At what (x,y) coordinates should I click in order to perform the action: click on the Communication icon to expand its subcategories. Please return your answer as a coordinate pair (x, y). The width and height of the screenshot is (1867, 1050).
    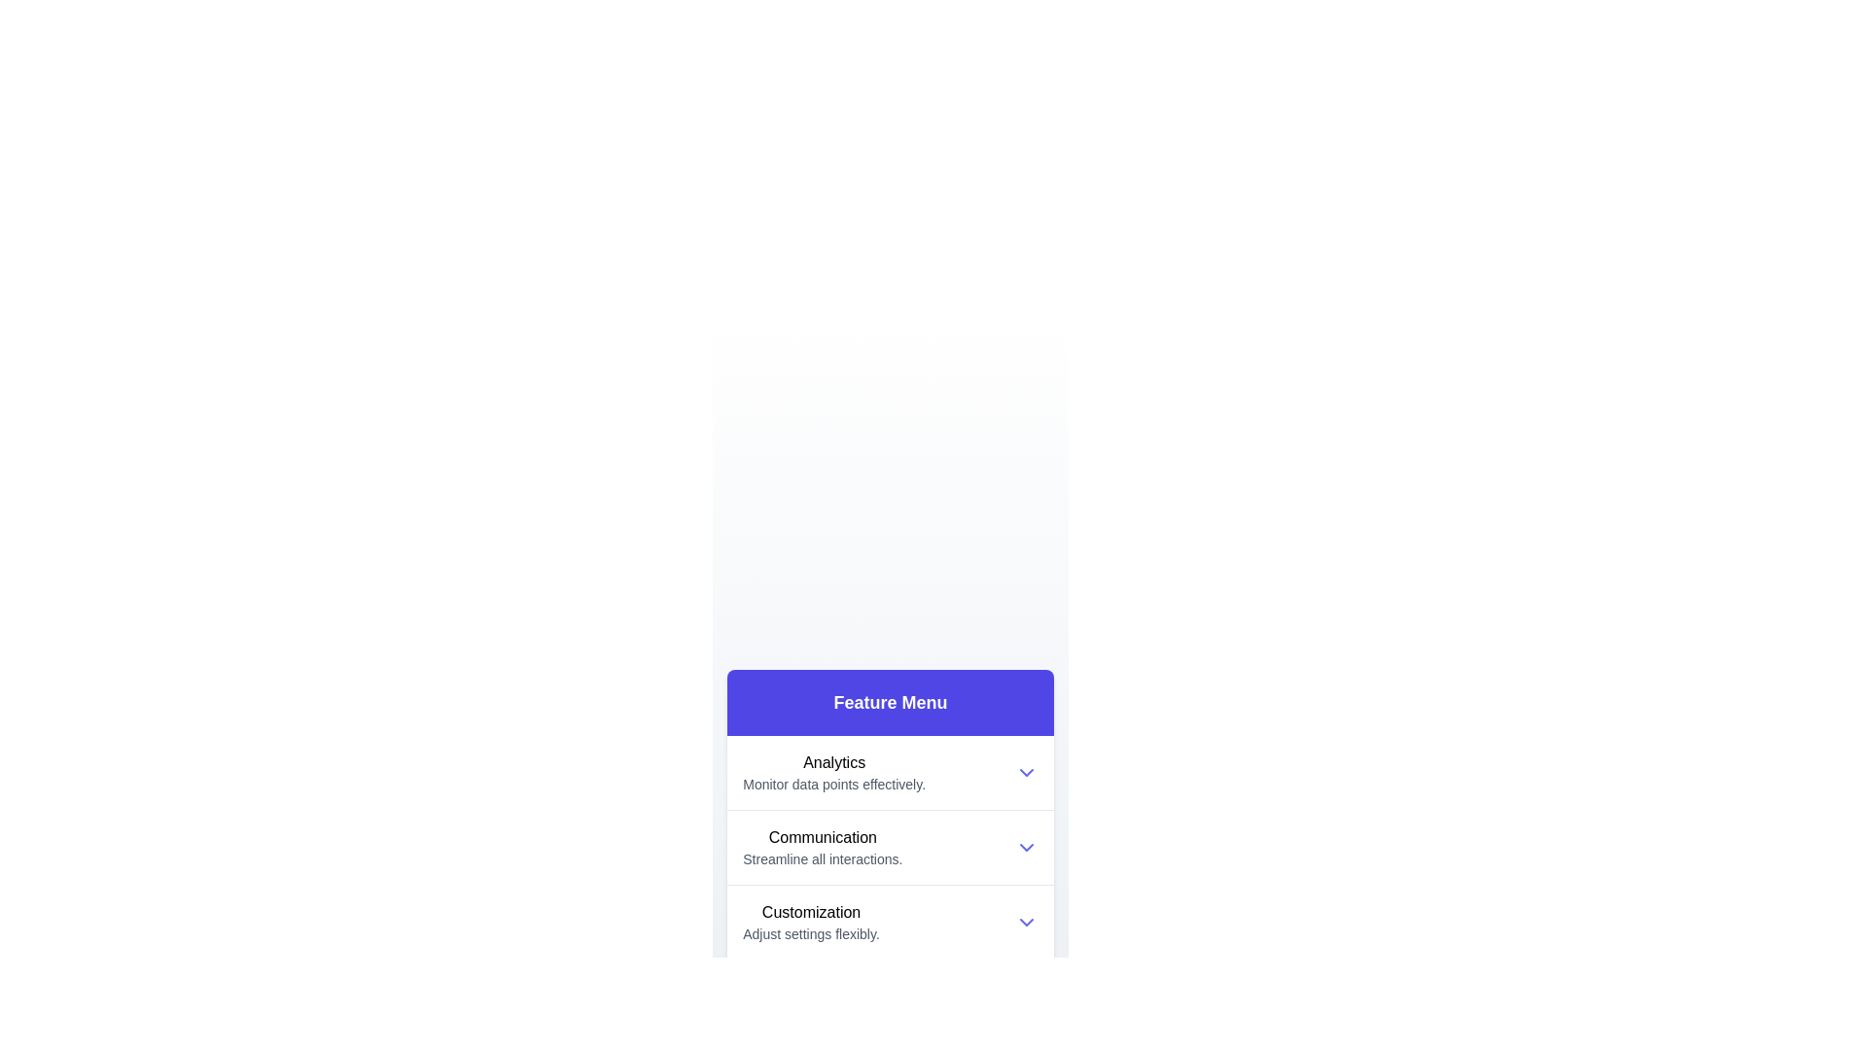
    Looking at the image, I should click on (823, 846).